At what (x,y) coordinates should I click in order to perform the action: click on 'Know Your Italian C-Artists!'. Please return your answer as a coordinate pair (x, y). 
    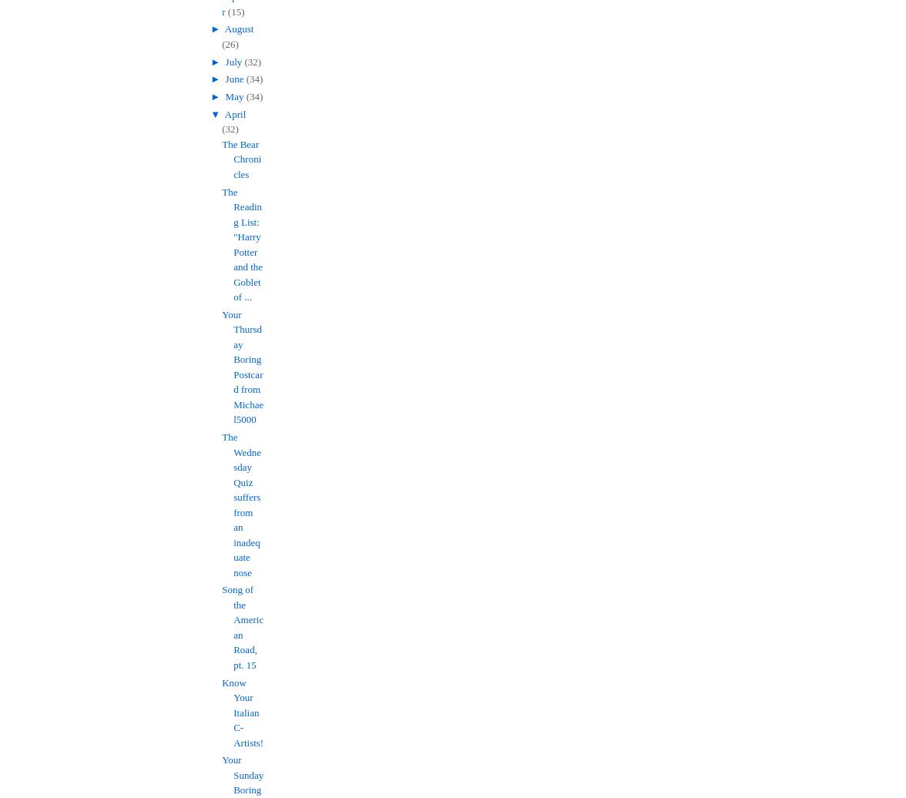
    Looking at the image, I should click on (222, 712).